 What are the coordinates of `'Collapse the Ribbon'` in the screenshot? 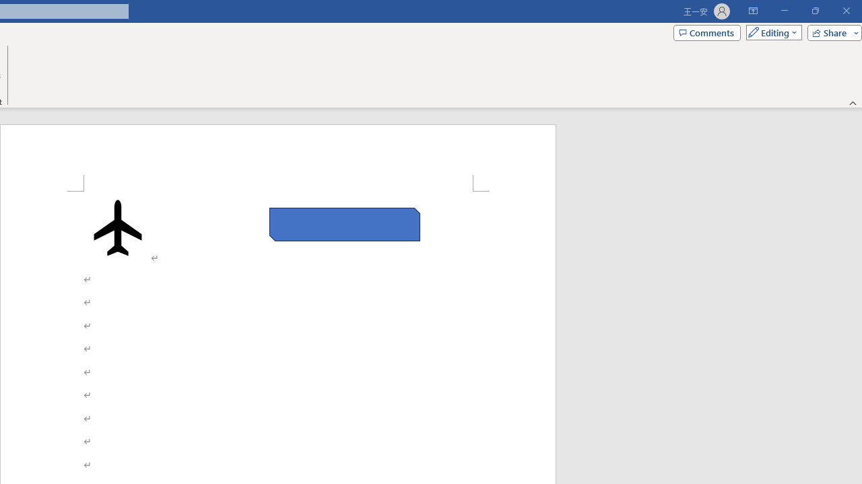 It's located at (853, 102).